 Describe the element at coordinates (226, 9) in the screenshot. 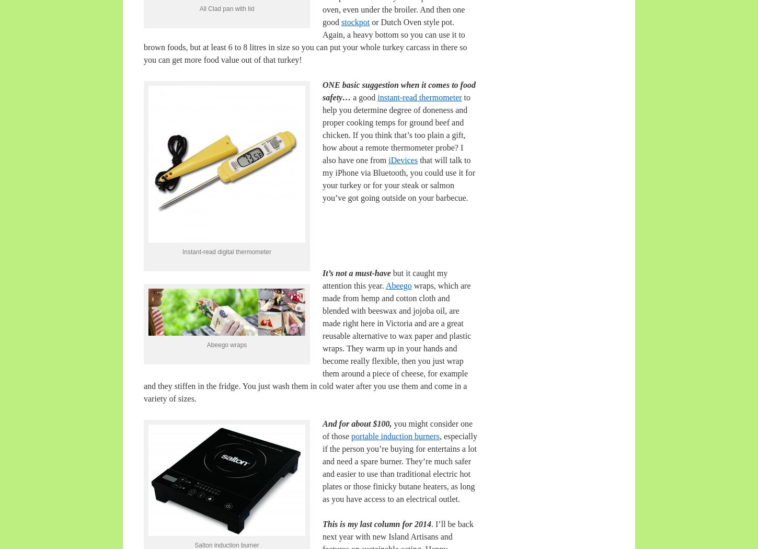

I see `'All Clad pan with lid'` at that location.